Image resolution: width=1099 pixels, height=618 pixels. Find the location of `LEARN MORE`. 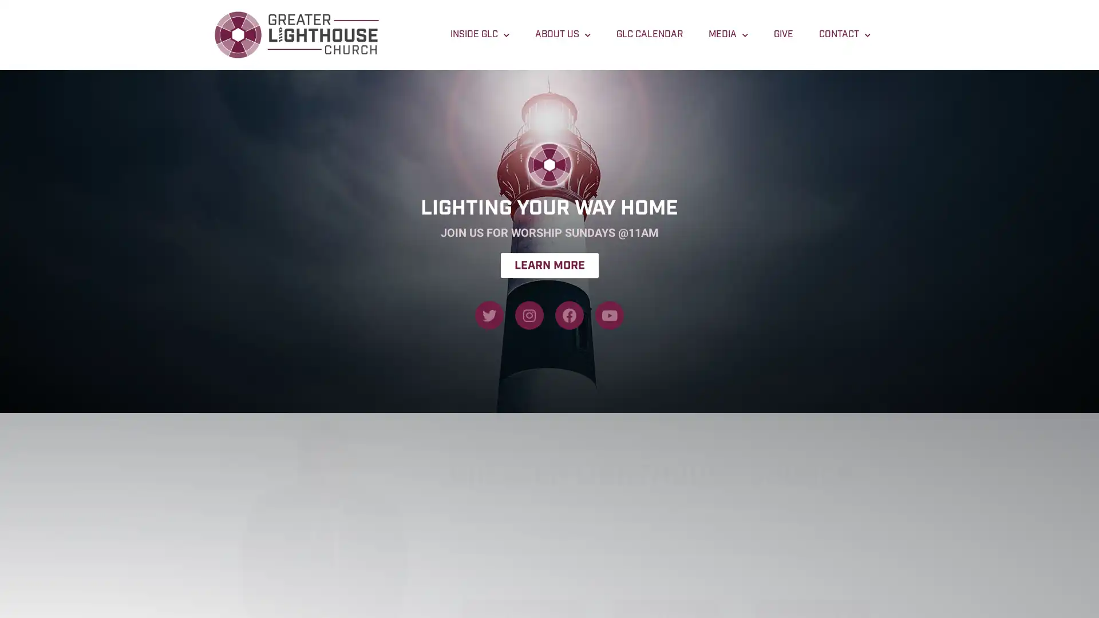

LEARN MORE is located at coordinates (548, 248).